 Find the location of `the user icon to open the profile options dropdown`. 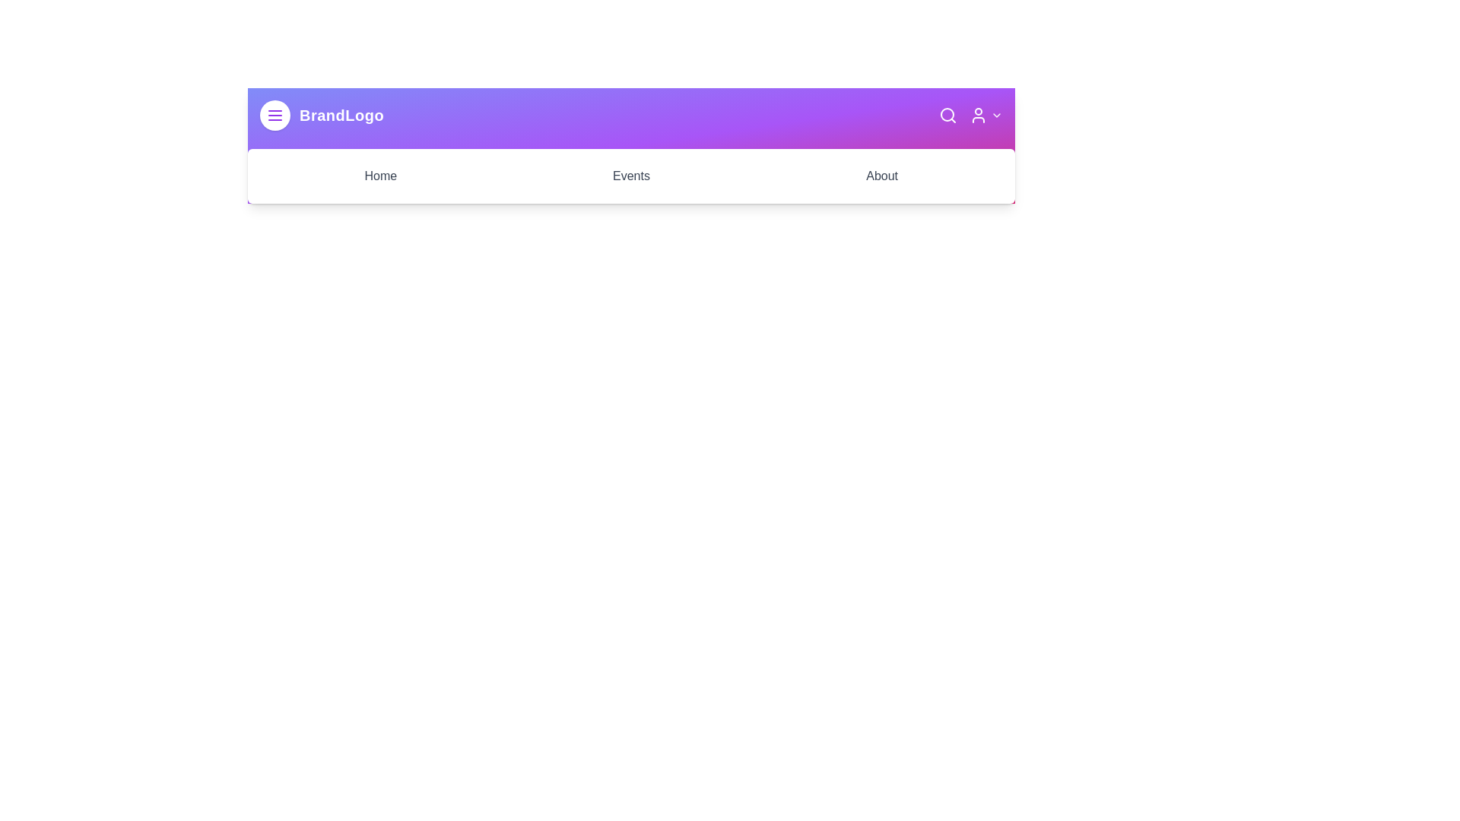

the user icon to open the profile options dropdown is located at coordinates (985, 114).